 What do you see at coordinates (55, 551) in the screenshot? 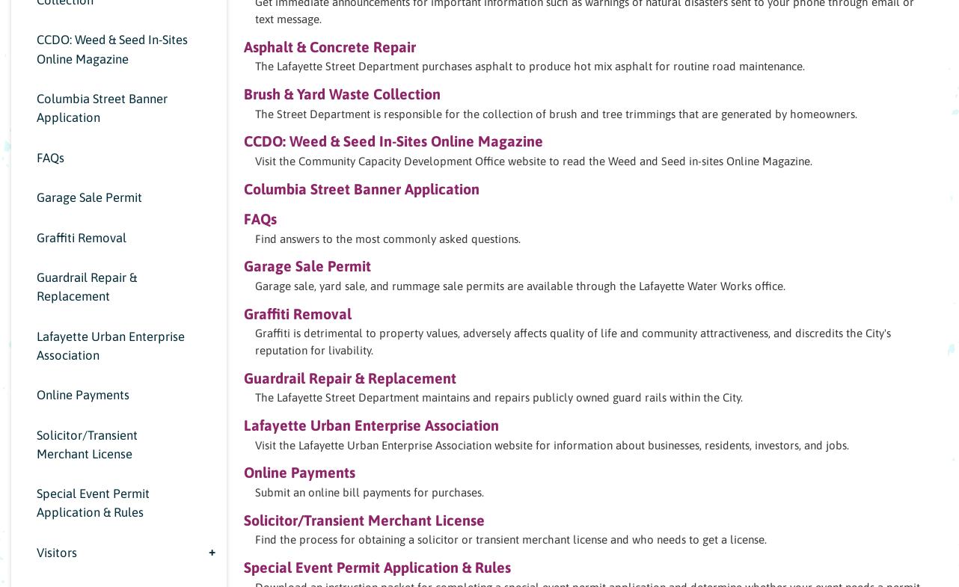
I see `'Visitors'` at bounding box center [55, 551].